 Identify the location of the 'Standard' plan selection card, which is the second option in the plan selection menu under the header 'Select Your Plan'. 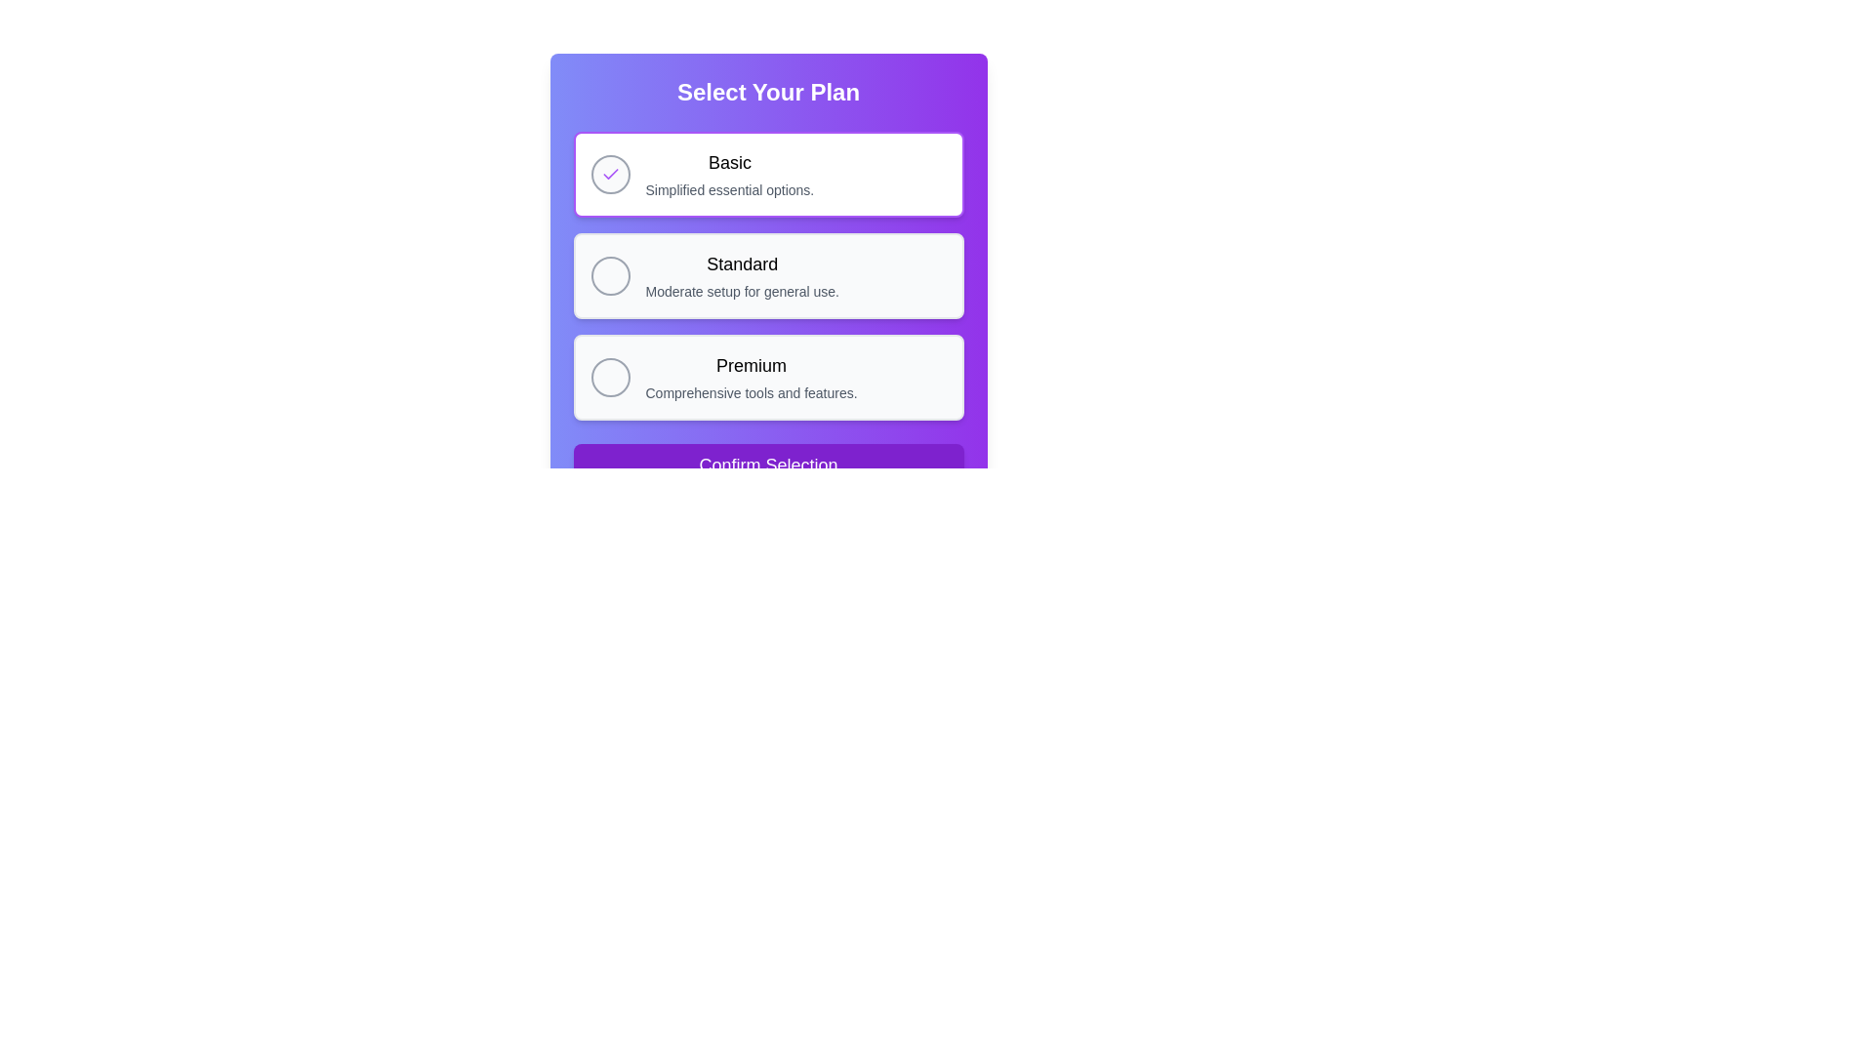
(767, 275).